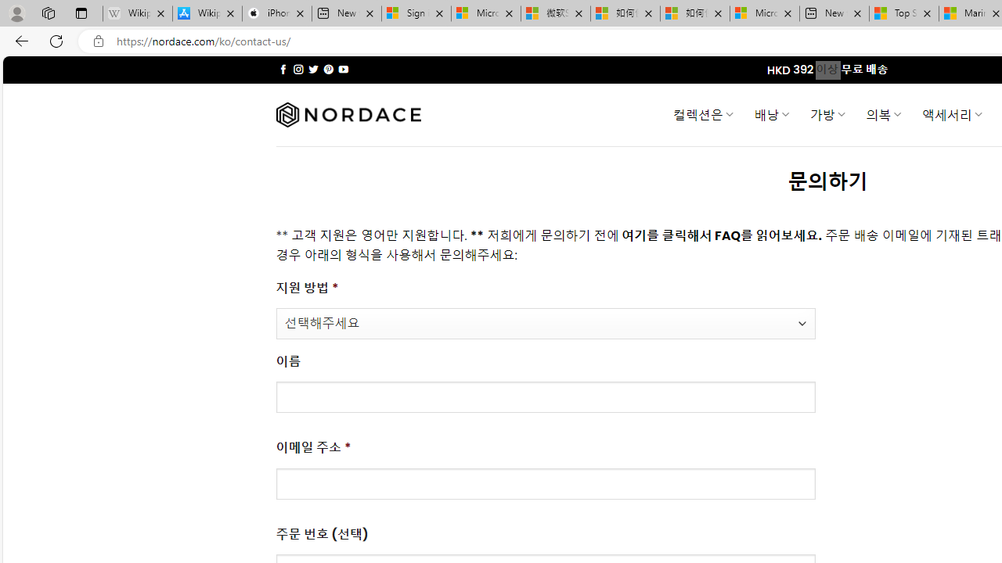 Image resolution: width=1002 pixels, height=563 pixels. What do you see at coordinates (765, 13) in the screenshot?
I see `'Microsoft account | Account Checkup'` at bounding box center [765, 13].